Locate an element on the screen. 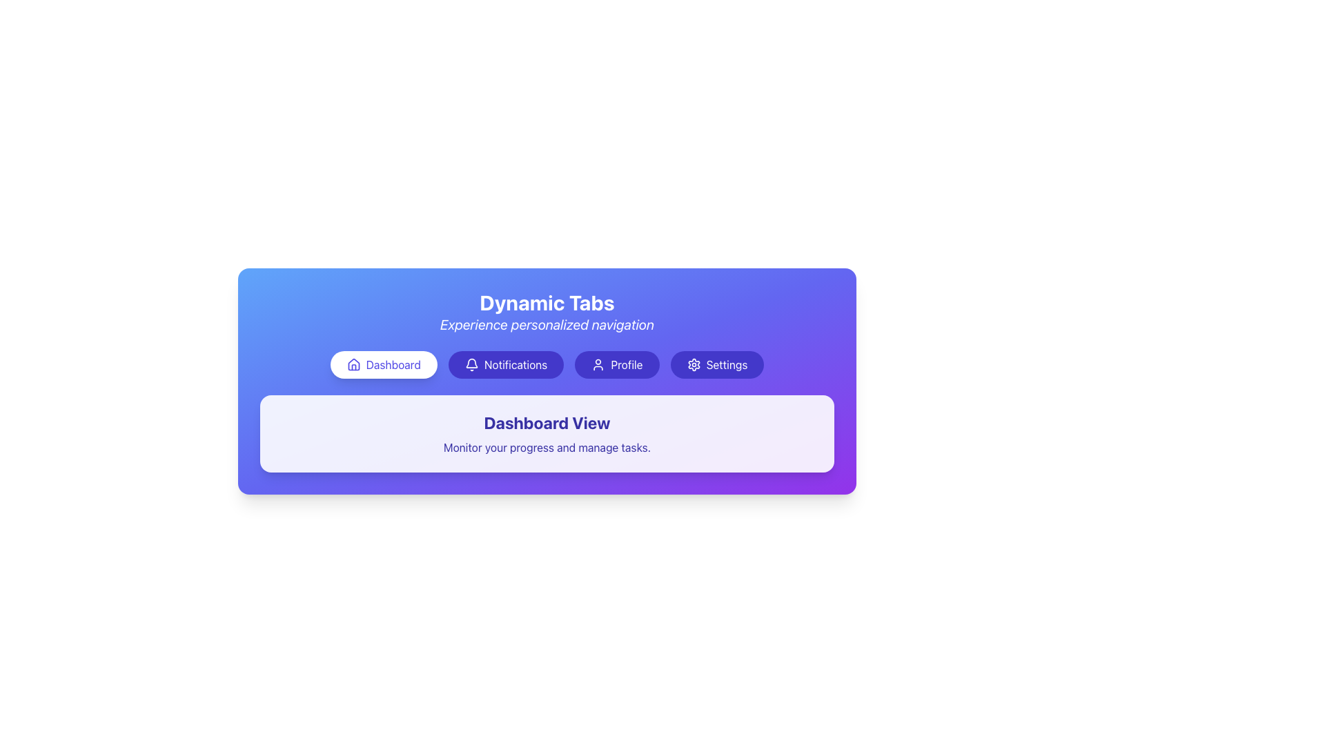 The height and width of the screenshot is (745, 1325). text 'Dashboard View' which is a bold, large heading centered at the top of the card component in the UI is located at coordinates (546, 422).